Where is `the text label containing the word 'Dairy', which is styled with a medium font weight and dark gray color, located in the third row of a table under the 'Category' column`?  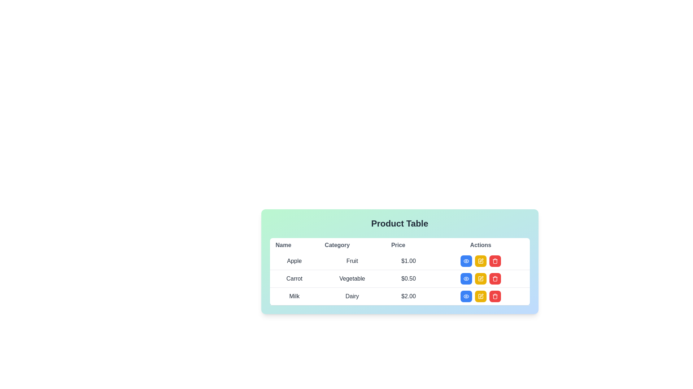 the text label containing the word 'Dairy', which is styled with a medium font weight and dark gray color, located in the third row of a table under the 'Category' column is located at coordinates (352, 296).